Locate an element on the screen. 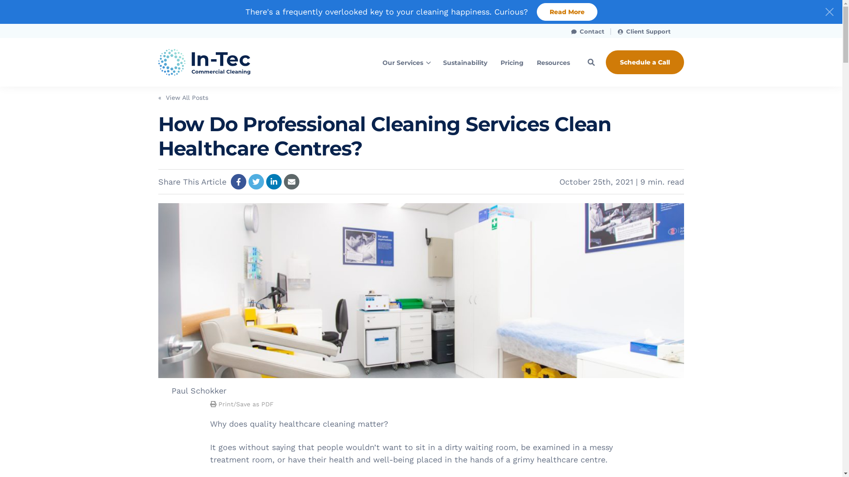  'Share via Email' is located at coordinates (291, 181).